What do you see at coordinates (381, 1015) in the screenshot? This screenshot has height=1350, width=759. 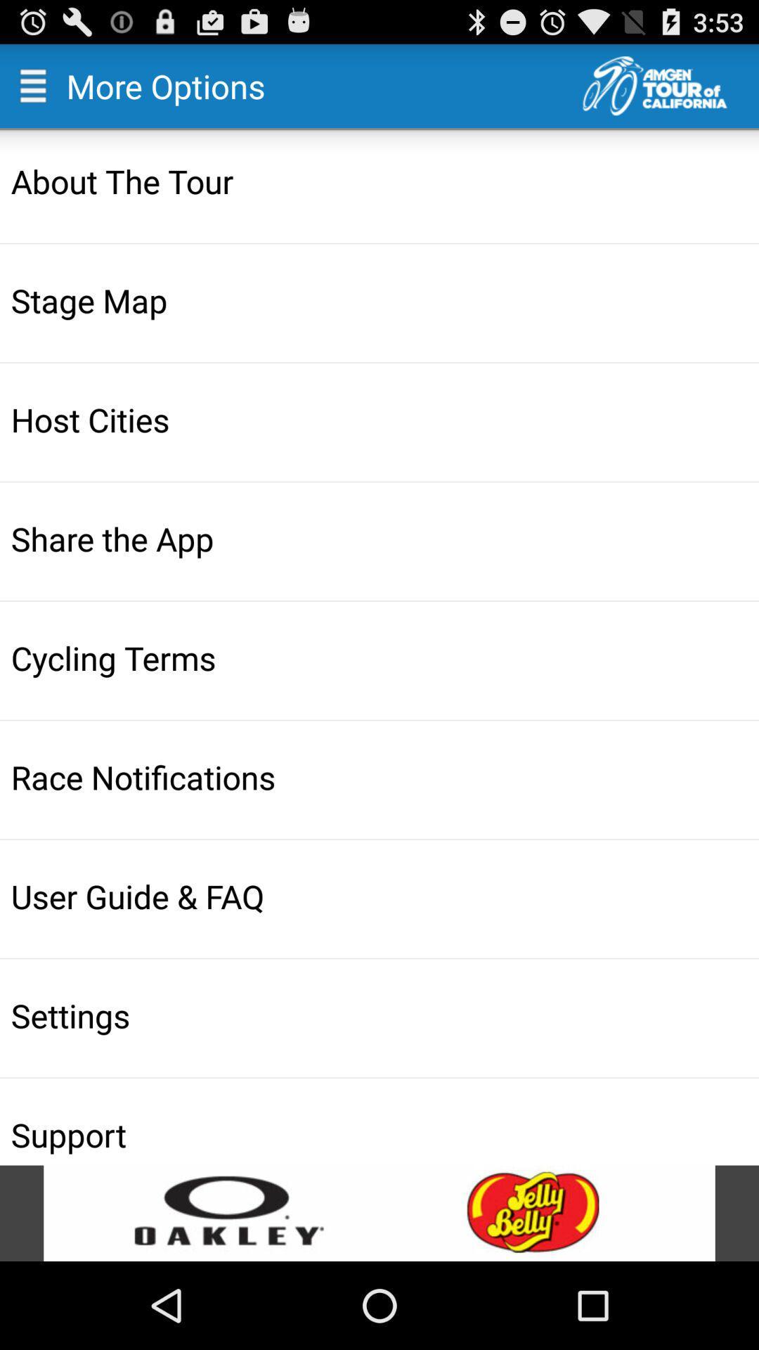 I see `settings` at bounding box center [381, 1015].